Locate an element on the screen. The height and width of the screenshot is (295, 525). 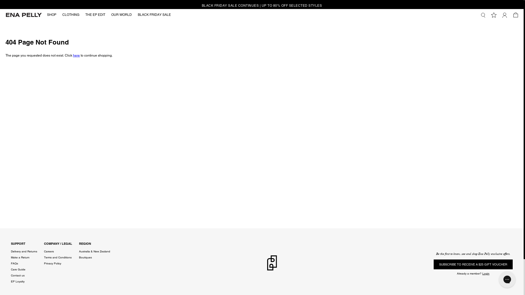
'OUR WORLD' is located at coordinates (121, 14).